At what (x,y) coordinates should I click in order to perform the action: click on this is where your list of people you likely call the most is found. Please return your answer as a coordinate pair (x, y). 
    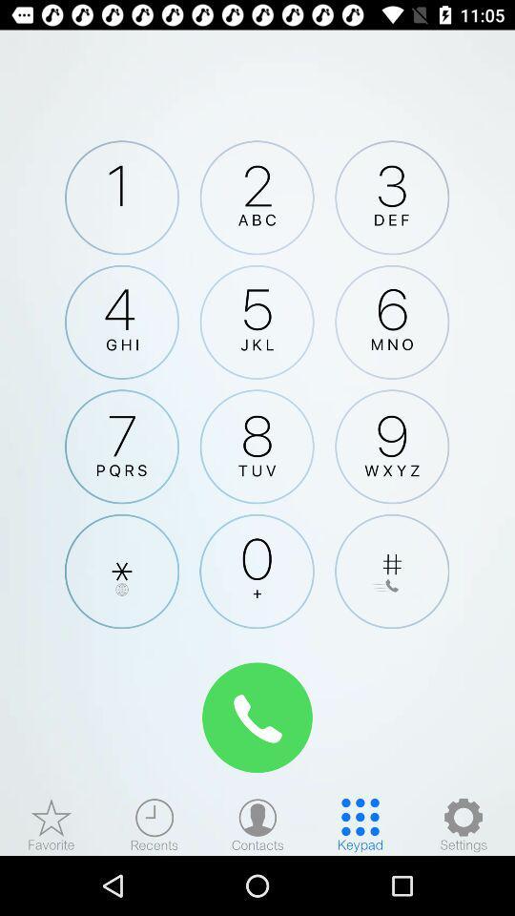
    Looking at the image, I should click on (51, 823).